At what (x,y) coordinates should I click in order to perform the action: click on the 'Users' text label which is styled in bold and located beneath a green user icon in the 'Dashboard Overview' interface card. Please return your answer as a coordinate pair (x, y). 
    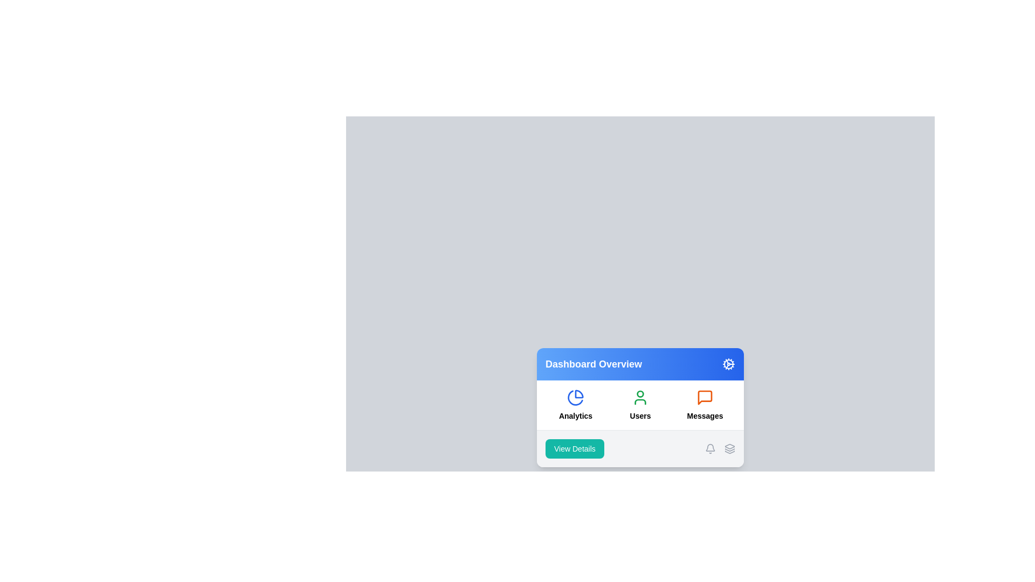
    Looking at the image, I should click on (640, 415).